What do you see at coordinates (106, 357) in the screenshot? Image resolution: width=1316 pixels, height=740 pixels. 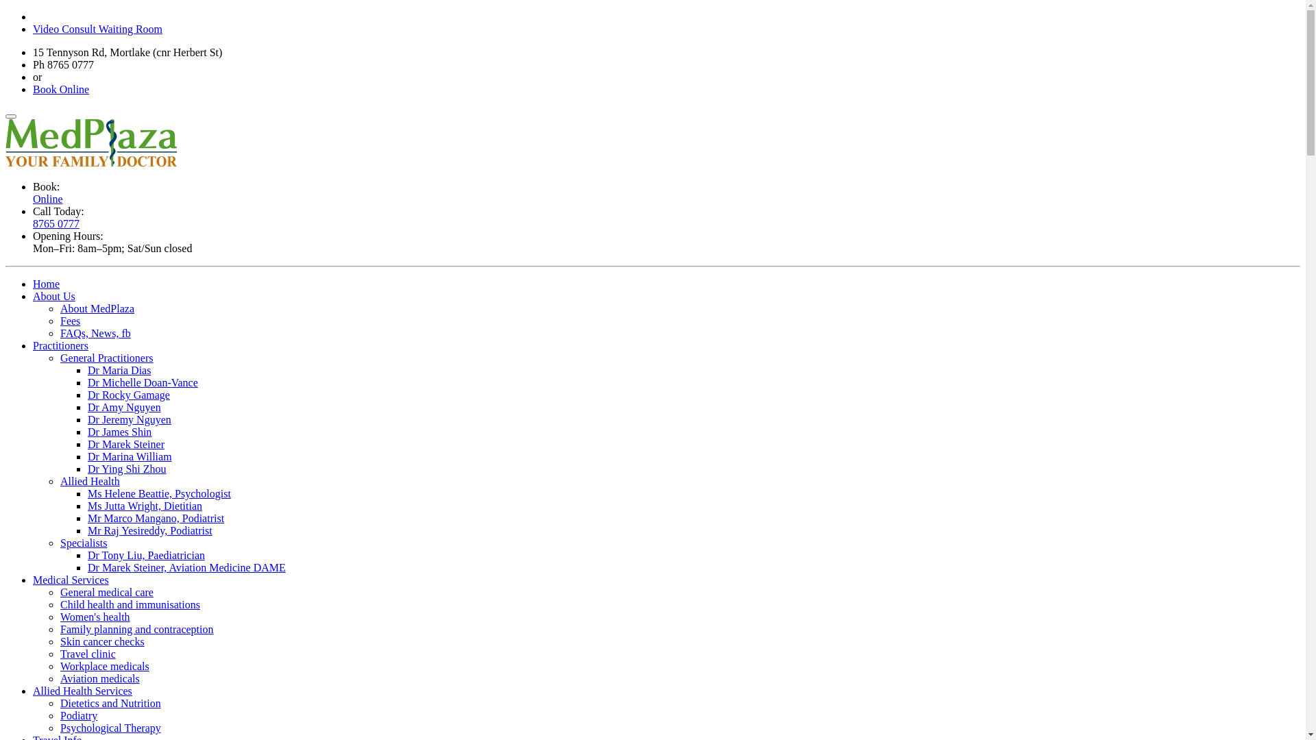 I see `'General Practitioners'` at bounding box center [106, 357].